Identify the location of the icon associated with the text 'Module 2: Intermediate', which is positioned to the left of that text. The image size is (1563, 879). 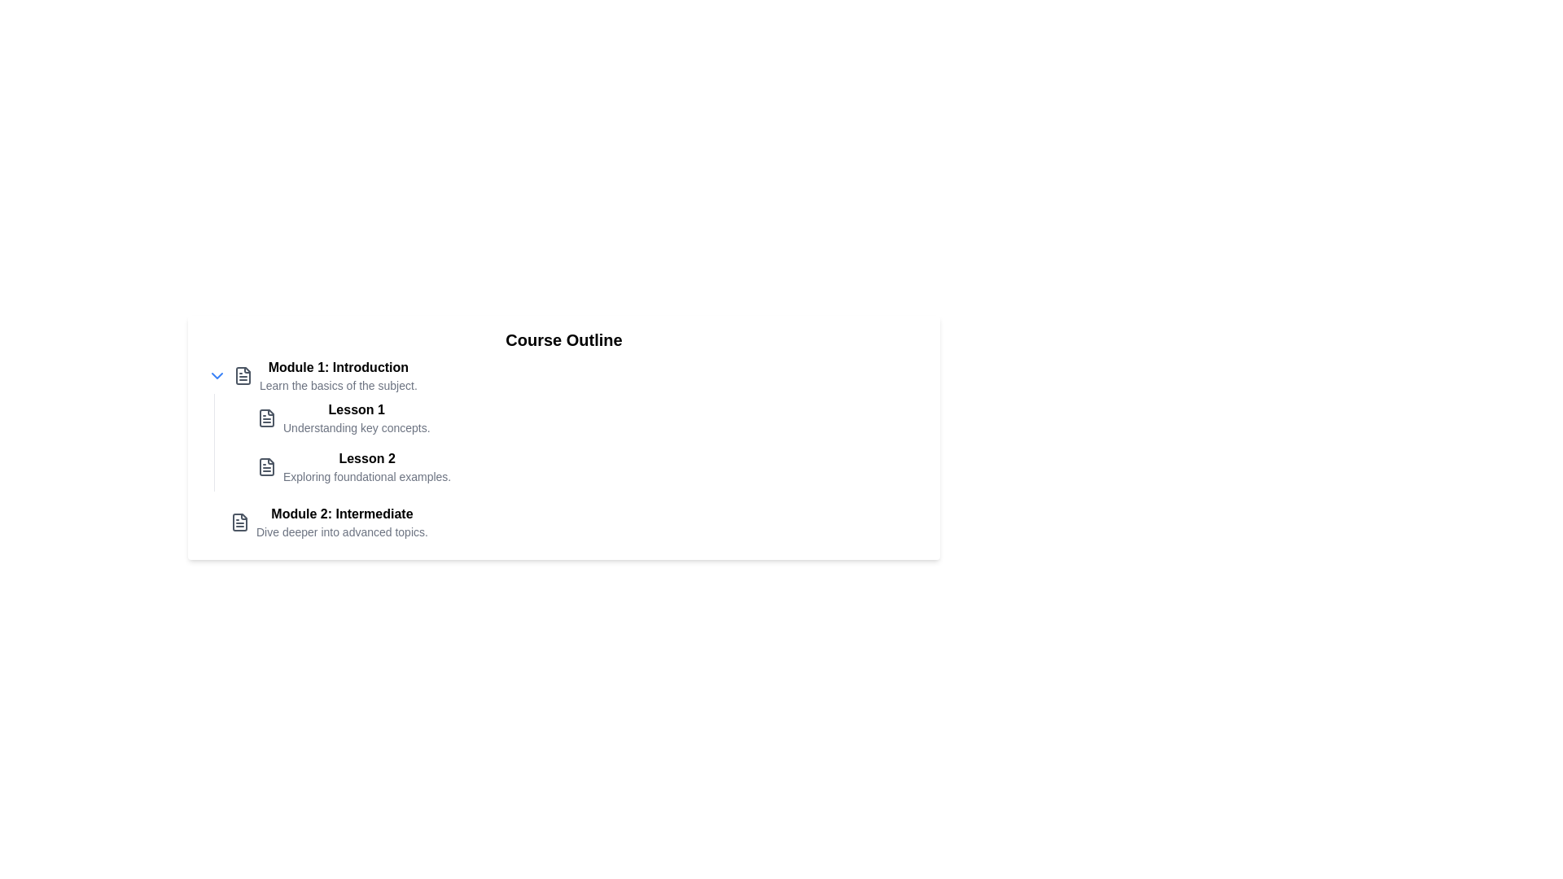
(239, 522).